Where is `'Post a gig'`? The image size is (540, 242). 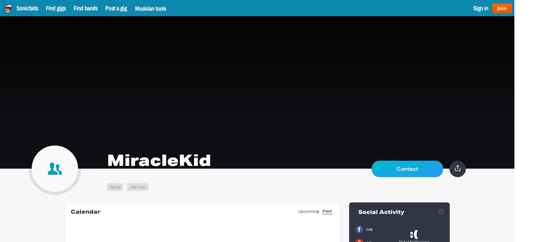
'Post a gig' is located at coordinates (116, 8).